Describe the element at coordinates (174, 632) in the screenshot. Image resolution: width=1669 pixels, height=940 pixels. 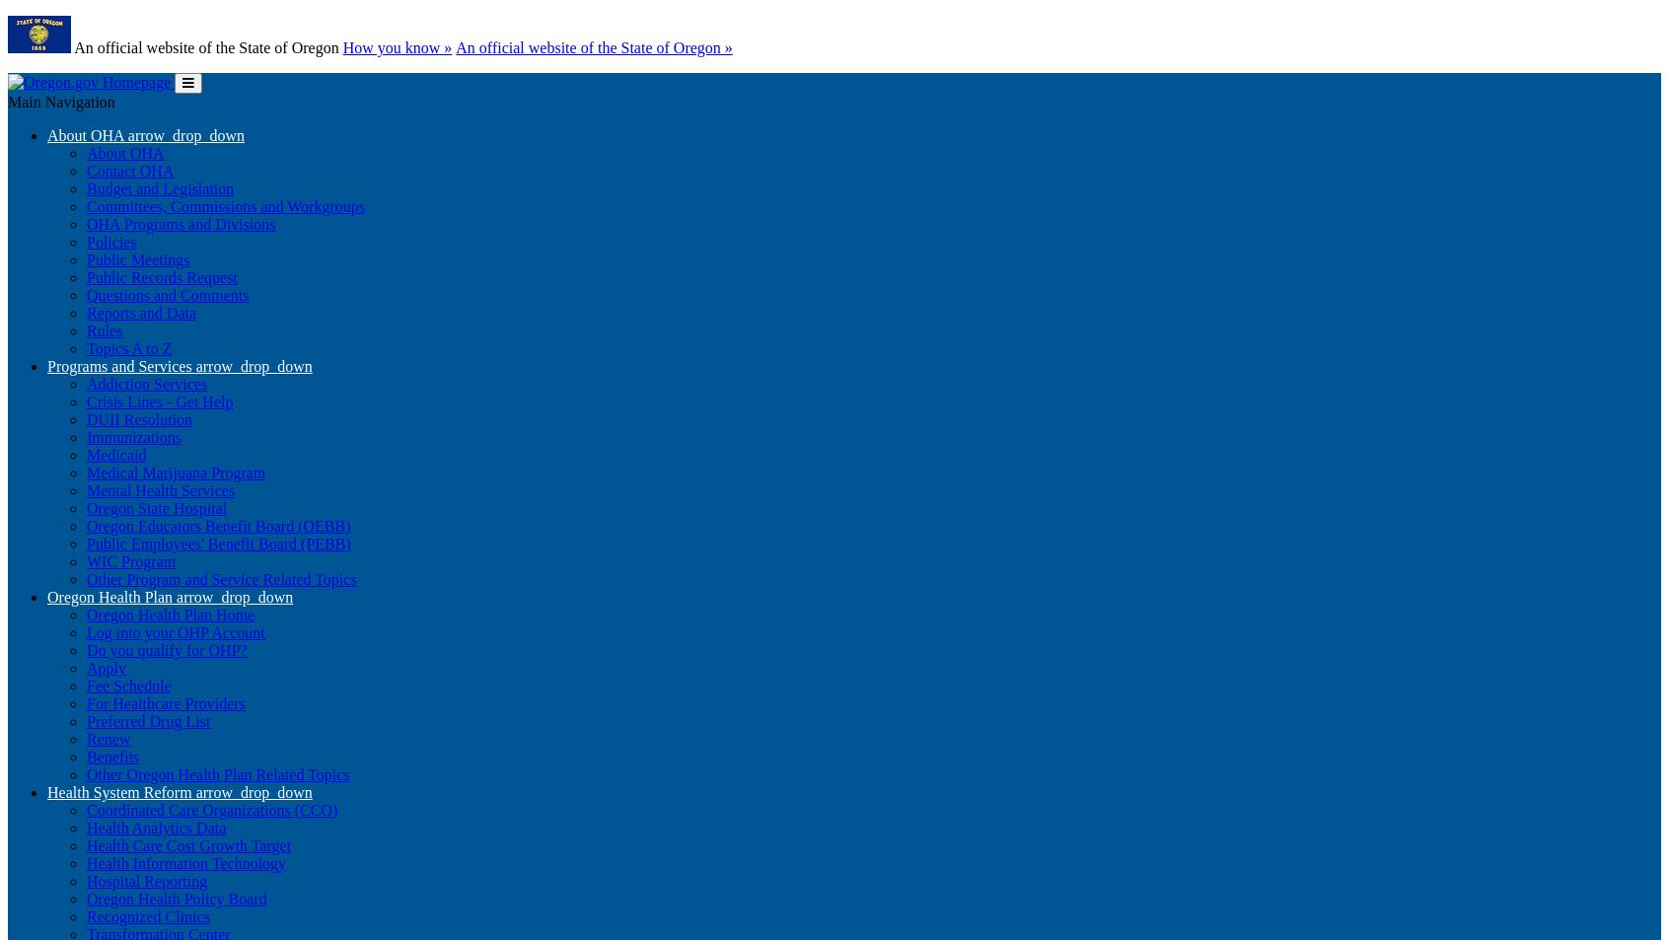
I see `'Log into your OHP Account'` at that location.